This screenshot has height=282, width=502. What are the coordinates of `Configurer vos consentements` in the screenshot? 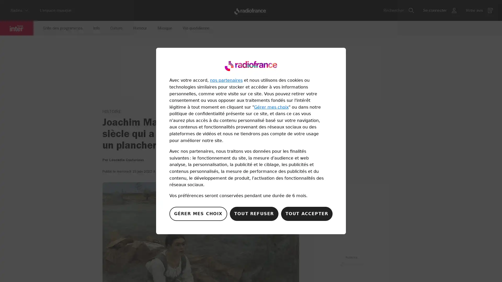 It's located at (198, 214).